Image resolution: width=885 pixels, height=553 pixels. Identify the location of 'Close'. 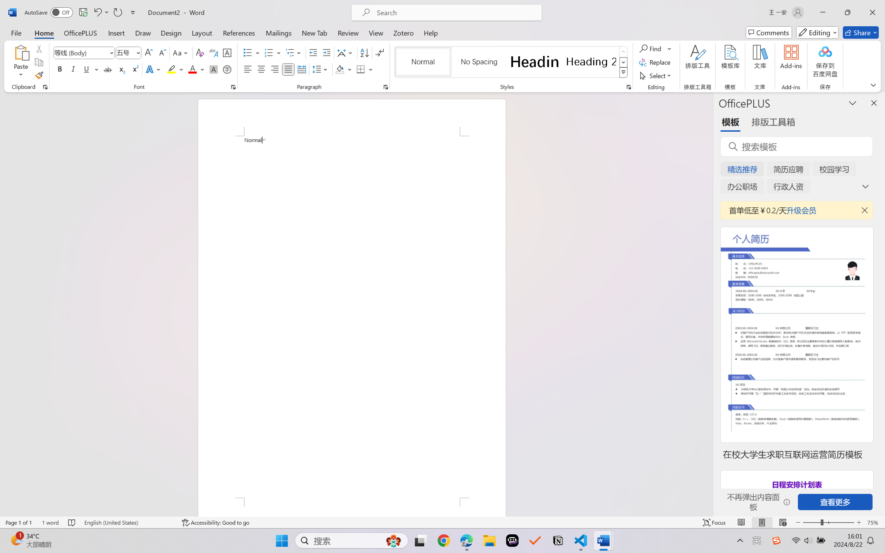
(872, 12).